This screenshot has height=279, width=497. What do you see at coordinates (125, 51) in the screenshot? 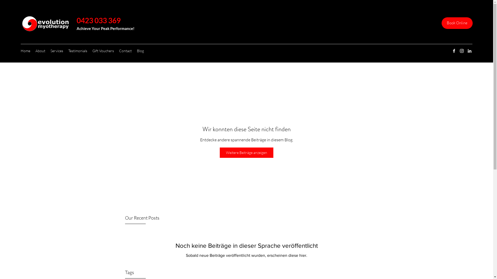
I see `'Contact'` at bounding box center [125, 51].